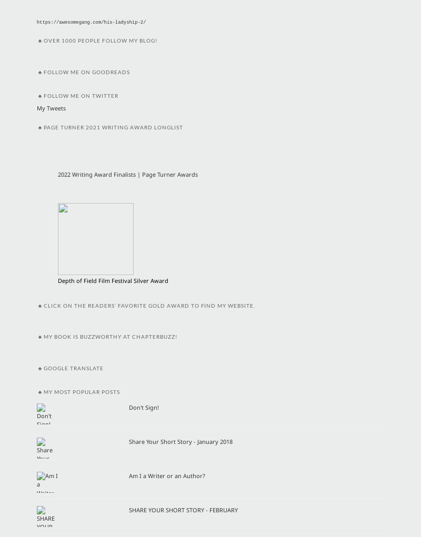 This screenshot has width=421, height=537. What do you see at coordinates (82, 391) in the screenshot?
I see `'My Most Popular Posts'` at bounding box center [82, 391].